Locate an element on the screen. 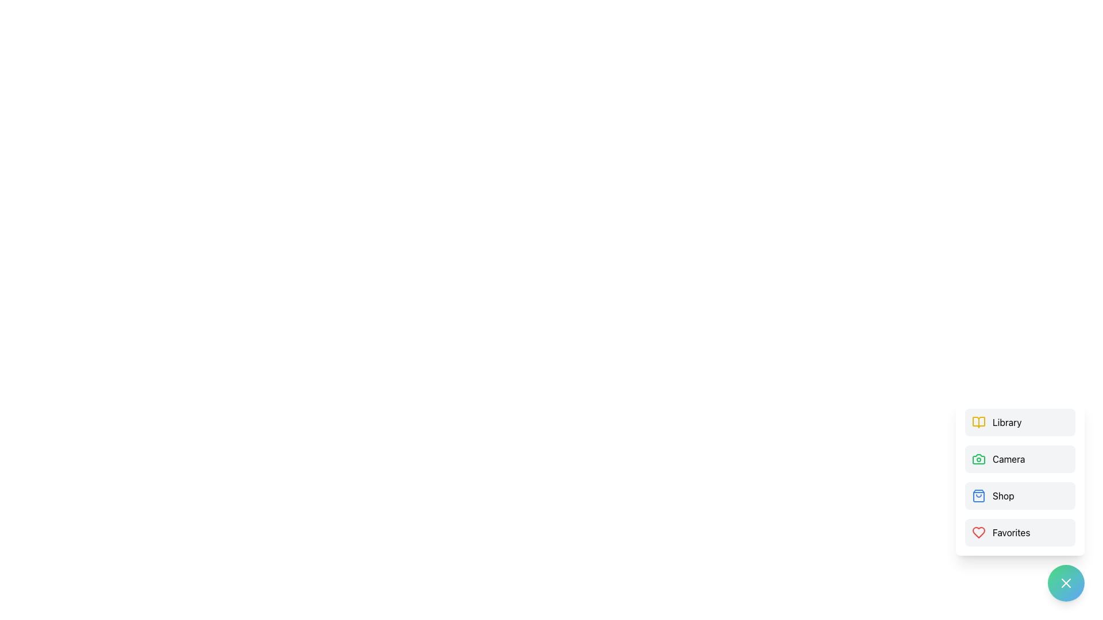 This screenshot has width=1103, height=620. the 'Shop' text label within the button in the vertical menu panel located at the lower-right of the interface is located at coordinates (1002, 495).